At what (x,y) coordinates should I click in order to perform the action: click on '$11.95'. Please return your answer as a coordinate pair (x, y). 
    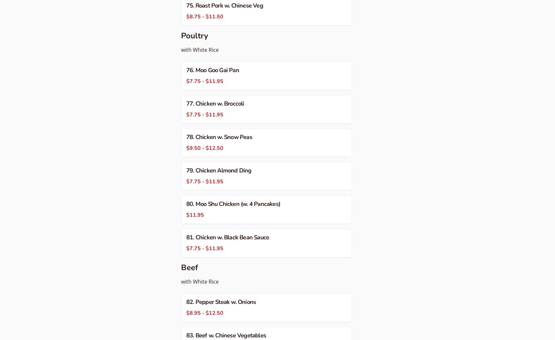
    Looking at the image, I should click on (186, 215).